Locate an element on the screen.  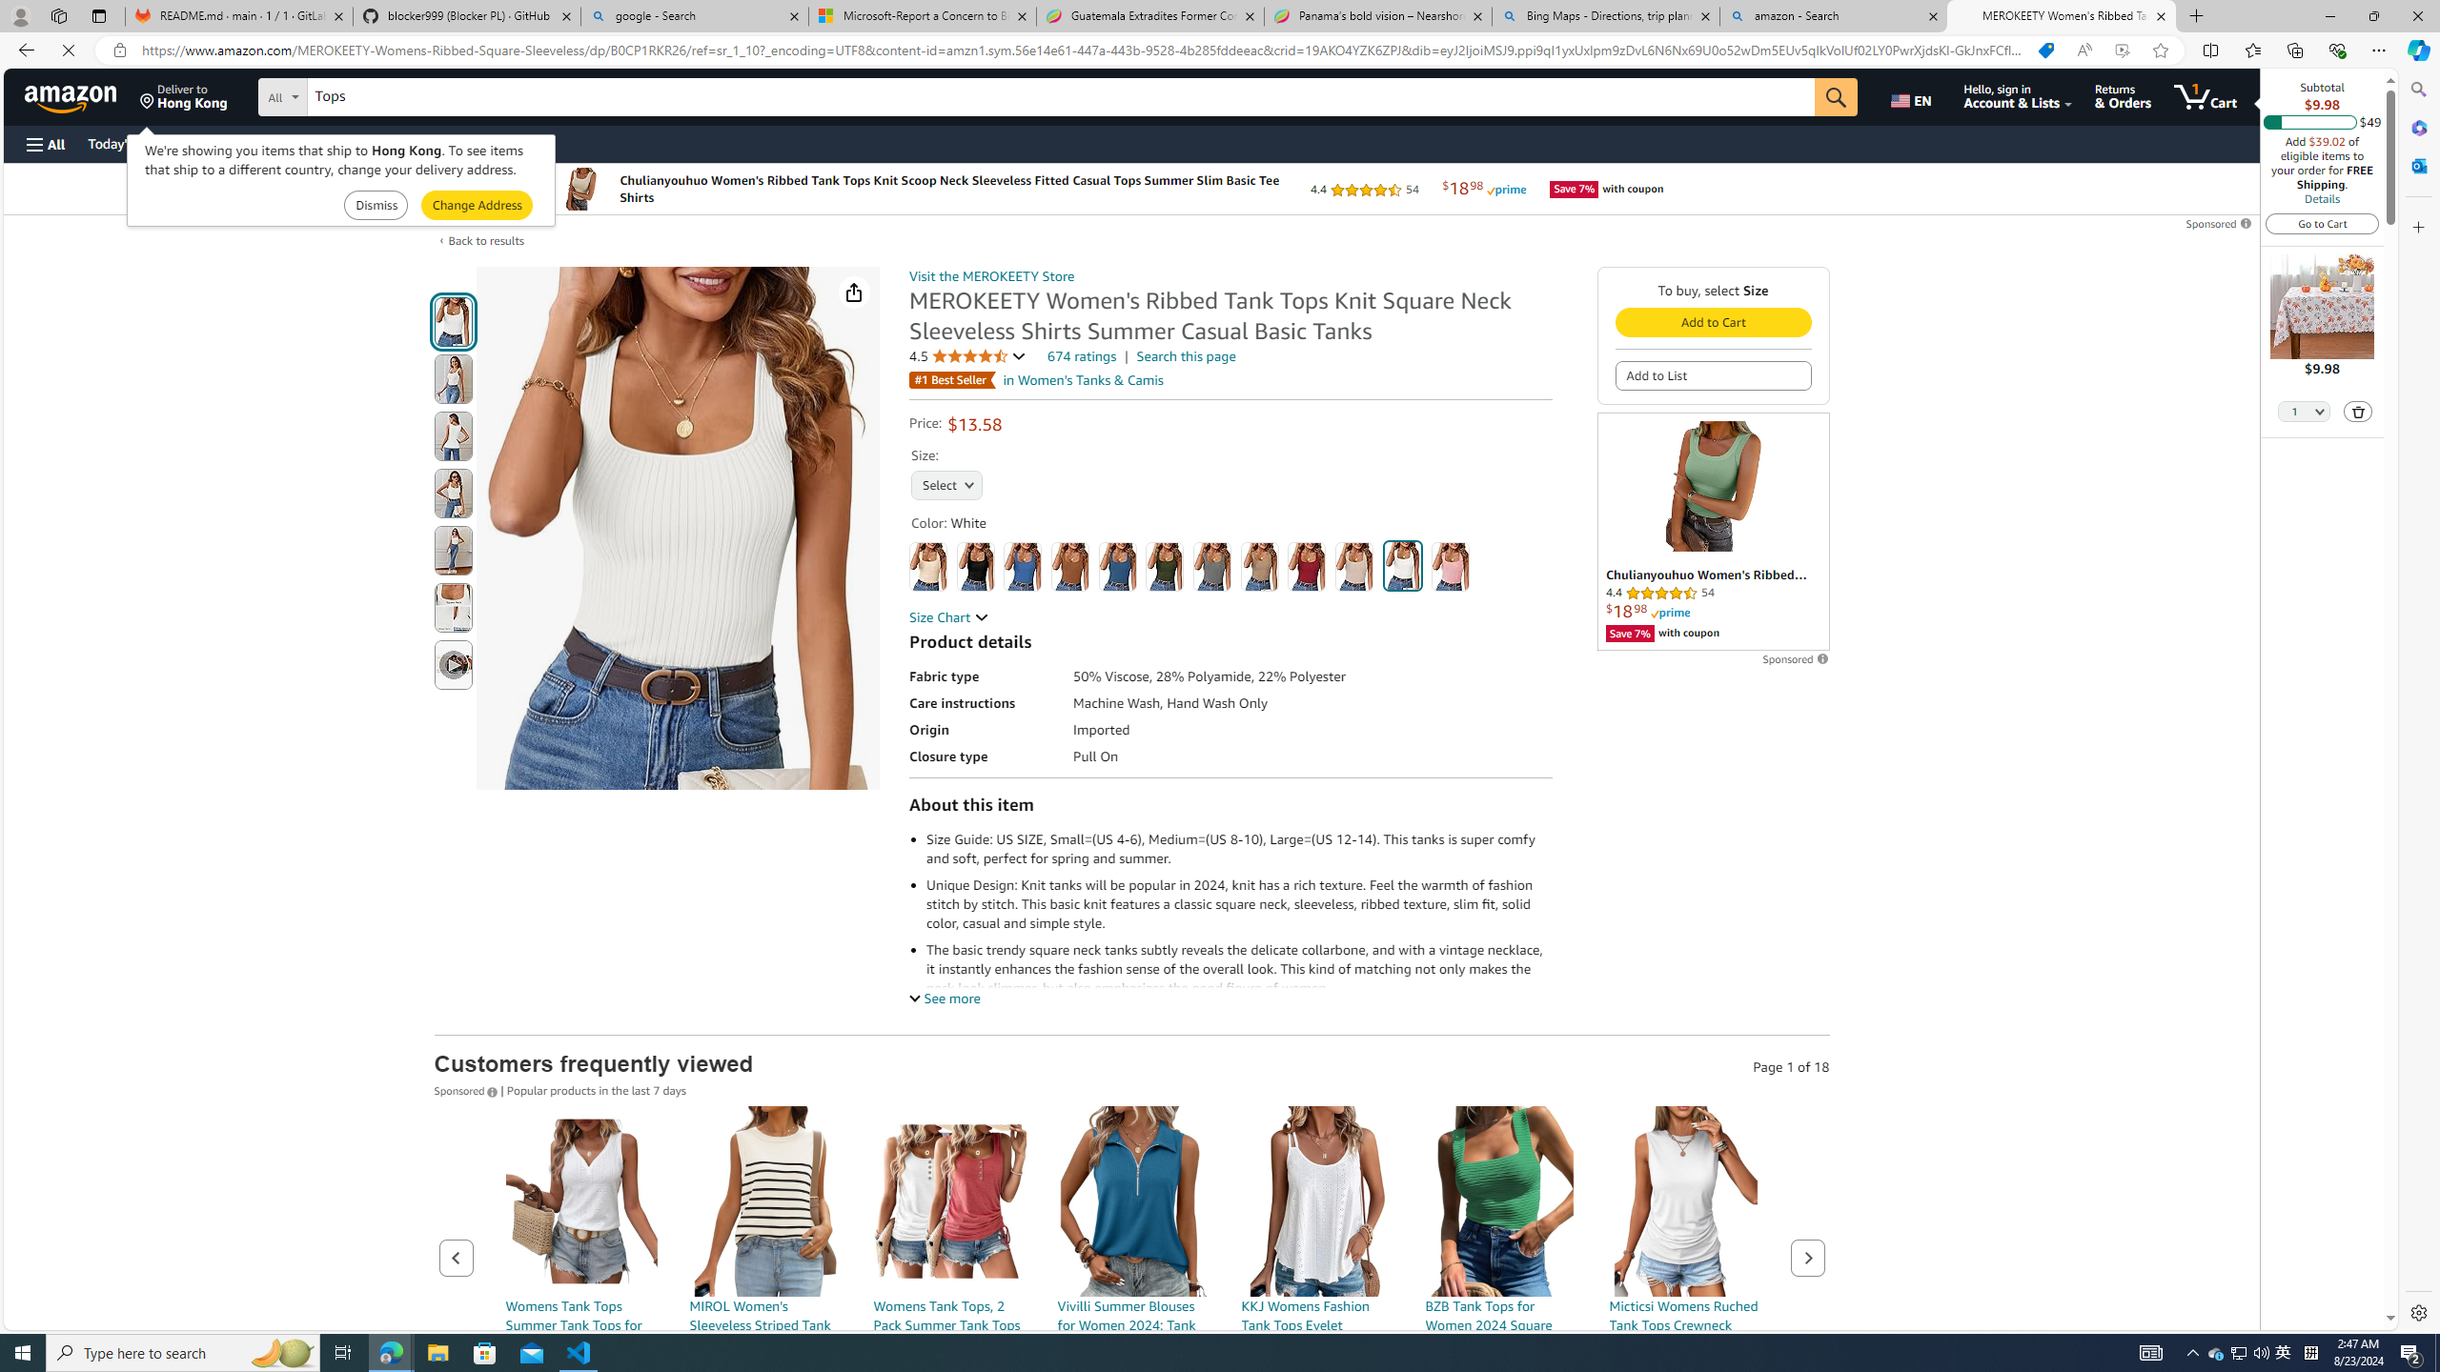
'Visit the MEROKEETY Store' is located at coordinates (991, 276).